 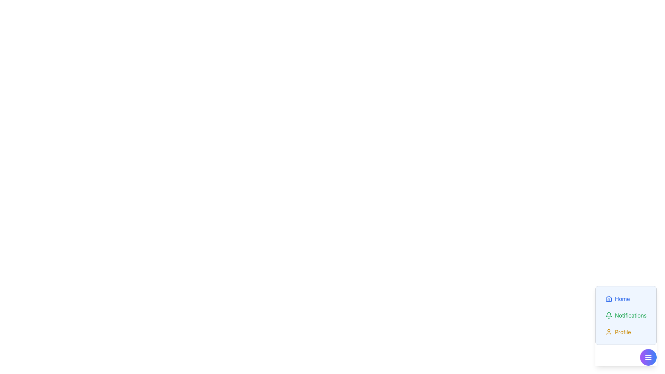 What do you see at coordinates (626, 299) in the screenshot?
I see `the 'Home' navigation button located at the bottom-right corner of the interface` at bounding box center [626, 299].